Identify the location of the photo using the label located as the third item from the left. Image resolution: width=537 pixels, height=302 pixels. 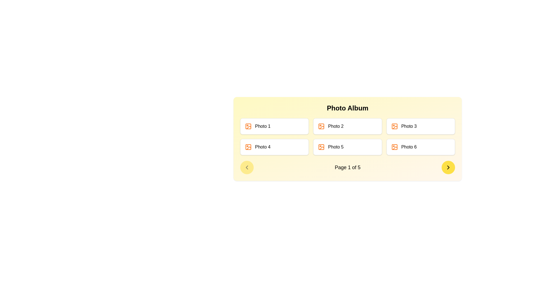
(409, 126).